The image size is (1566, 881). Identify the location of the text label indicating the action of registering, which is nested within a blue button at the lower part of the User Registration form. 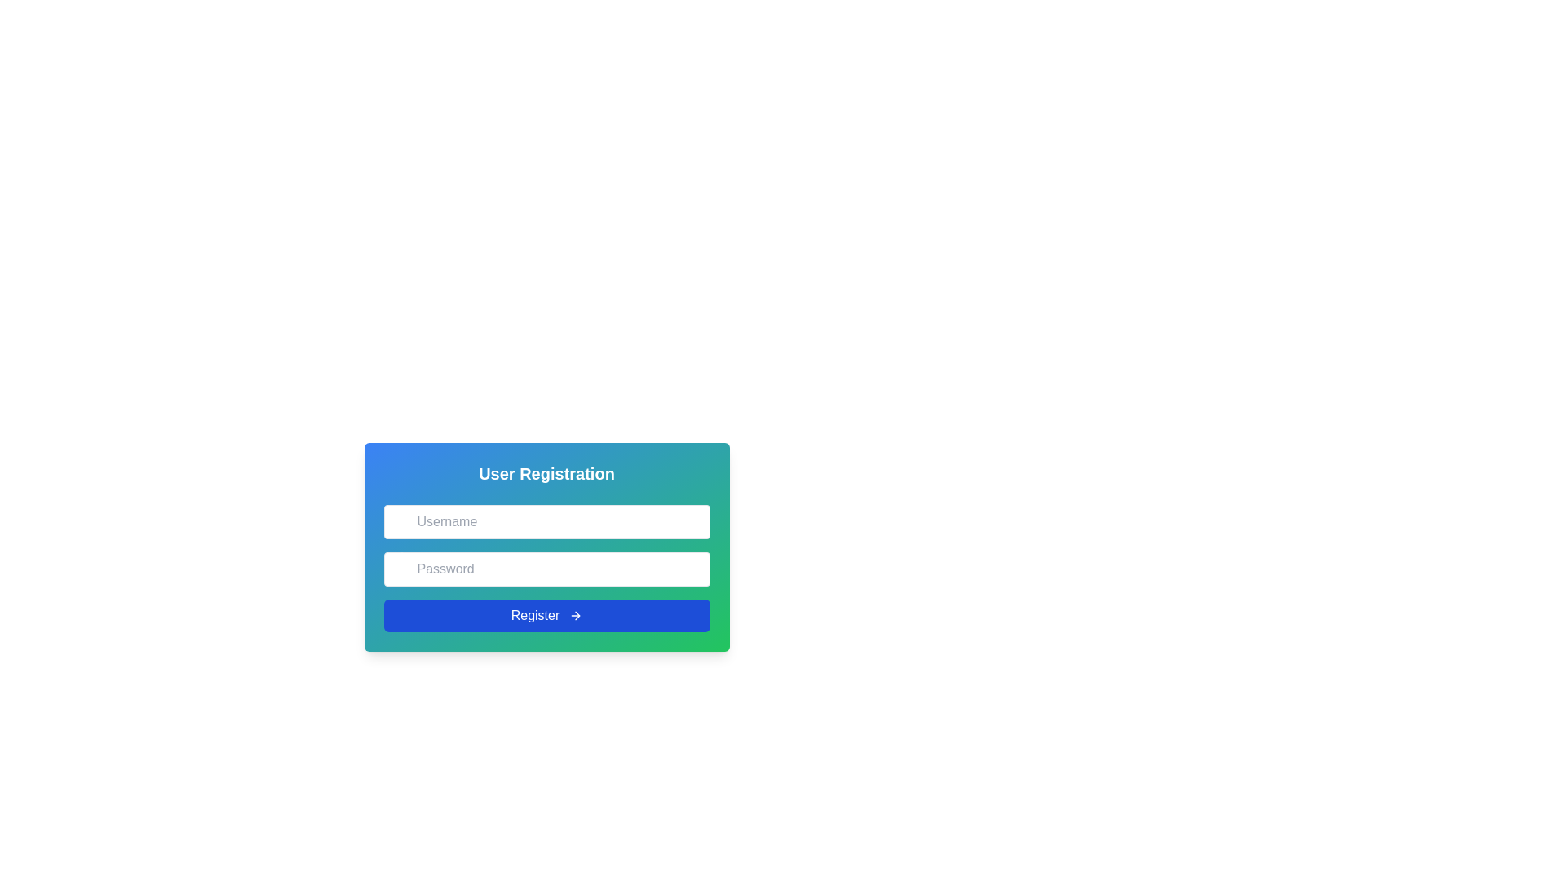
(535, 616).